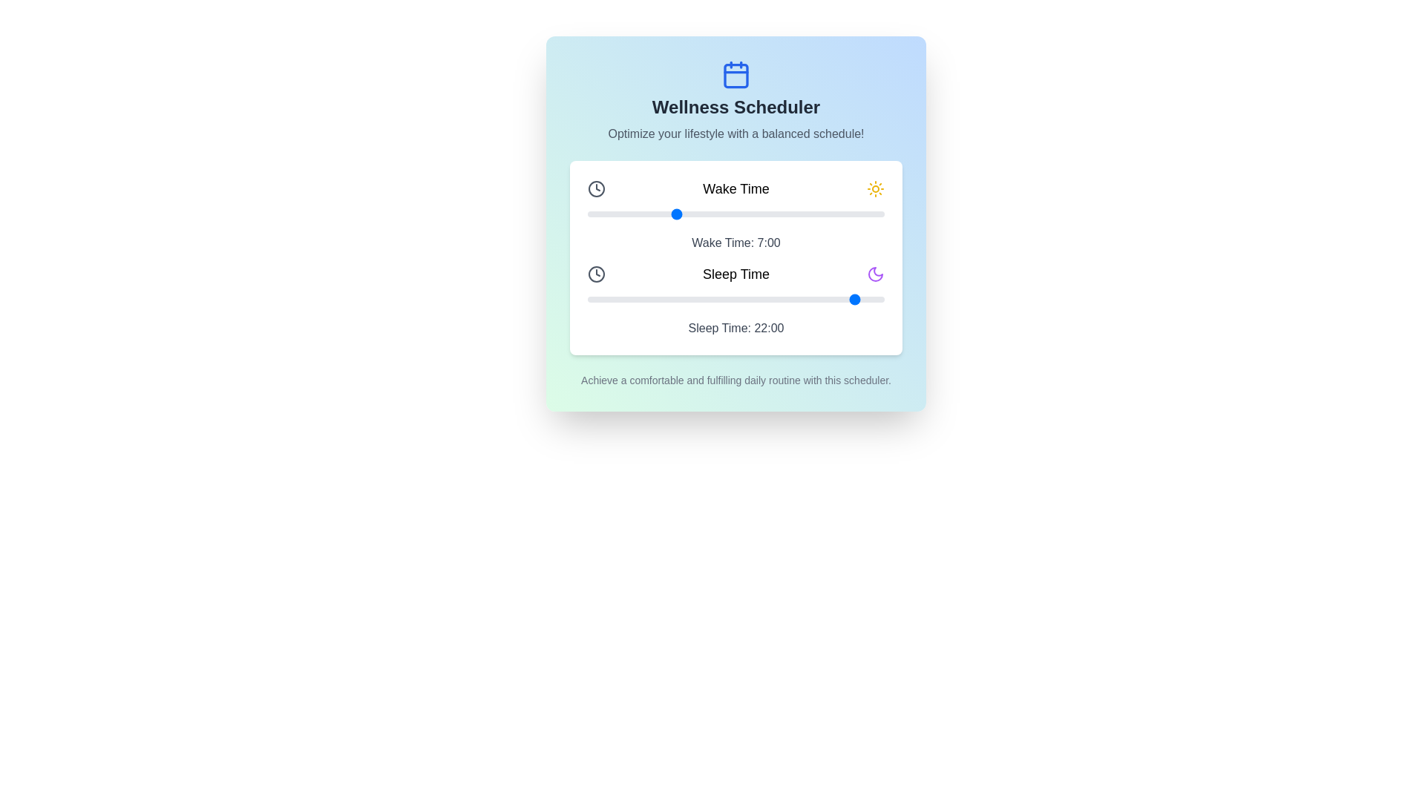 The height and width of the screenshot is (801, 1425). I want to click on the second icon representing the 'Sleep Time' setting located to the right of the 'Sleep Time' text label in the 'Wellness Scheduler' interface, so click(876, 274).